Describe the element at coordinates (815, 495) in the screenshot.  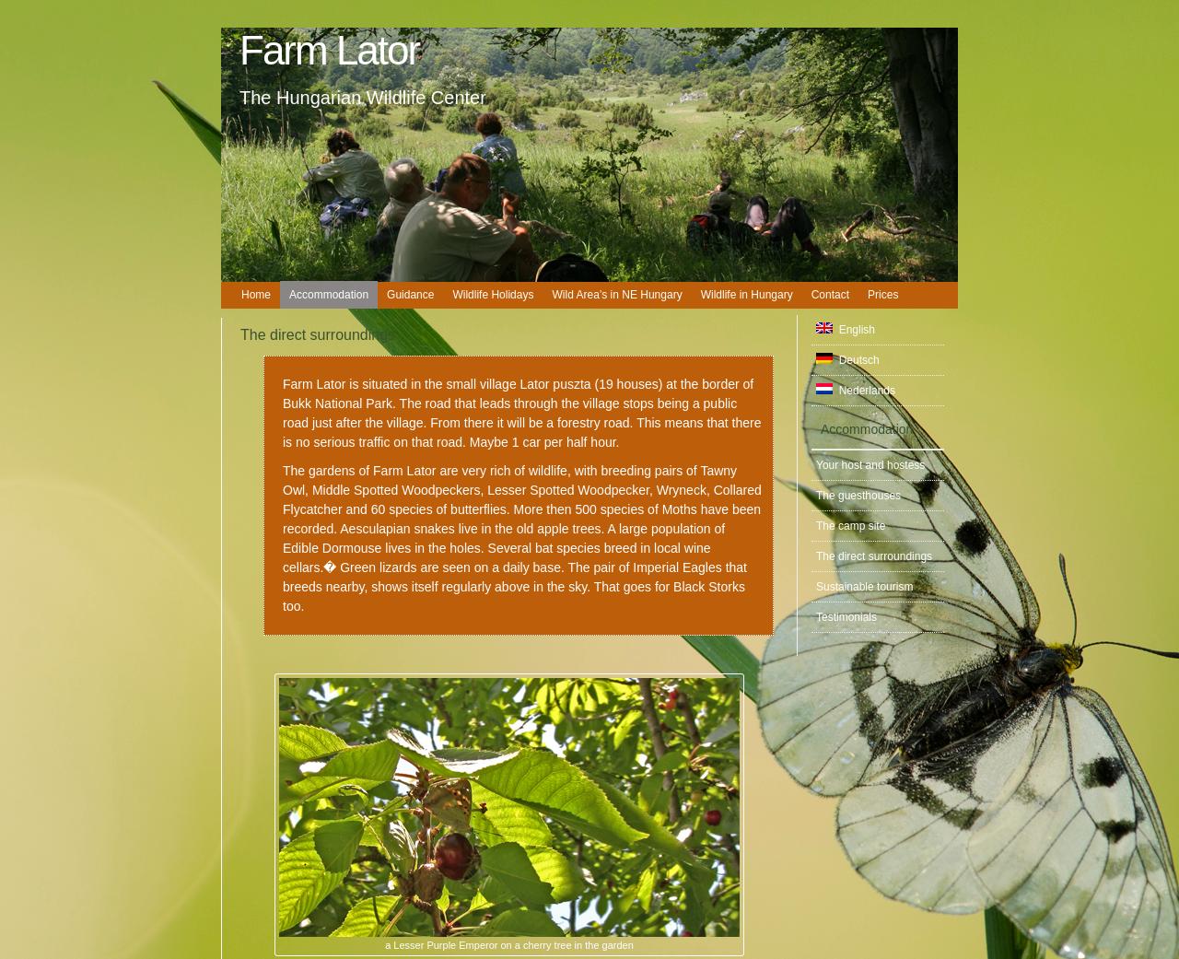
I see `'The guesthouses'` at that location.